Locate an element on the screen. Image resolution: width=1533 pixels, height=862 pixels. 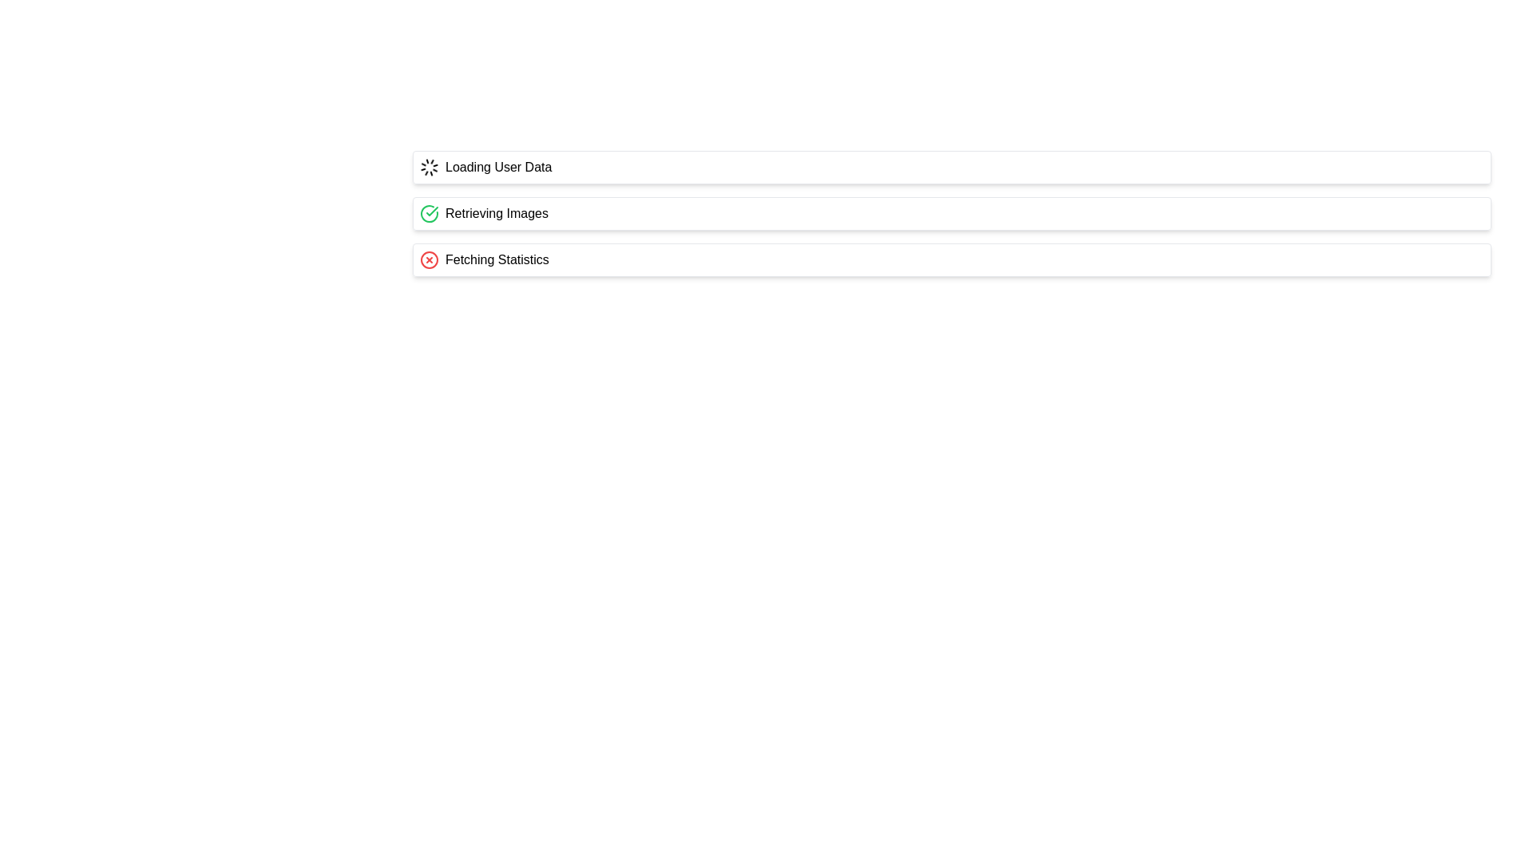
the circular arc part of the SVG icon that represents a status or data point, which is visually distinct within the icon's design is located at coordinates (429, 212).